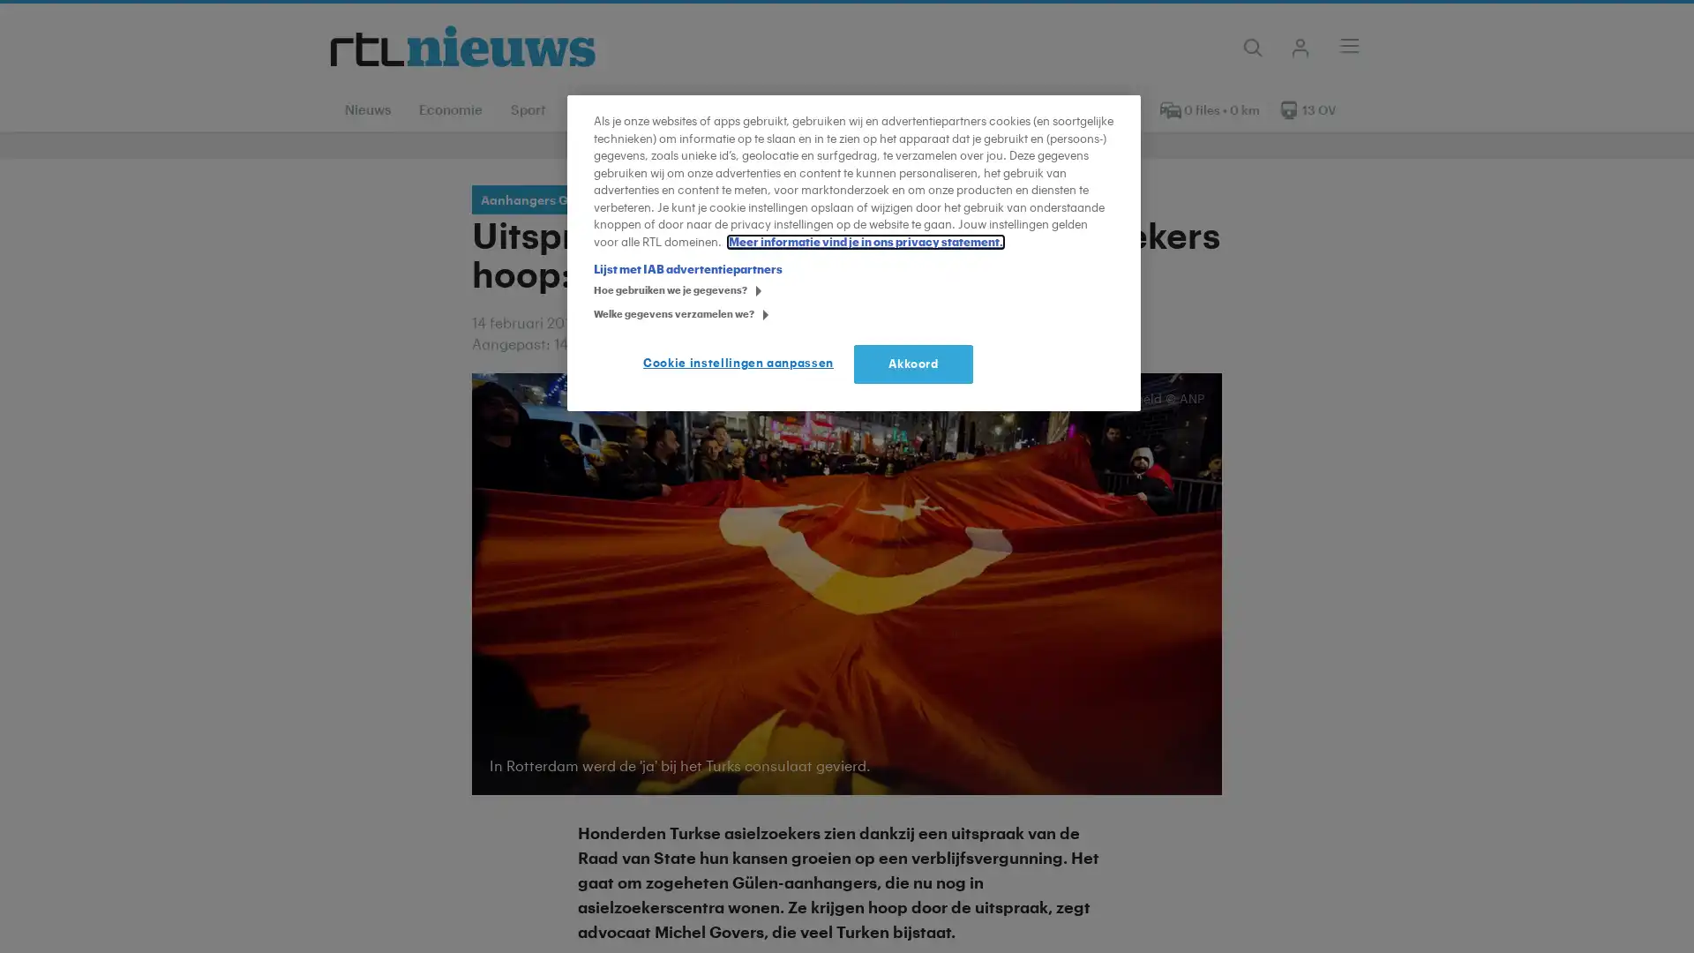 The image size is (1694, 953). What do you see at coordinates (599, 315) in the screenshot?
I see `Welke gegevens verzamelen we?` at bounding box center [599, 315].